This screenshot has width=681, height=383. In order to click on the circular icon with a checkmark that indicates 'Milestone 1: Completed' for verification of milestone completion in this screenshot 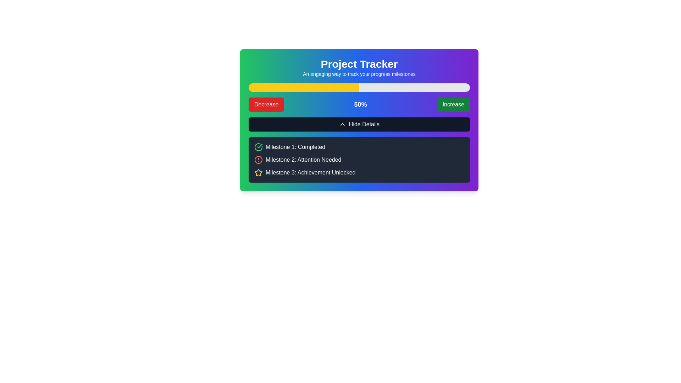, I will do `click(258, 147)`.